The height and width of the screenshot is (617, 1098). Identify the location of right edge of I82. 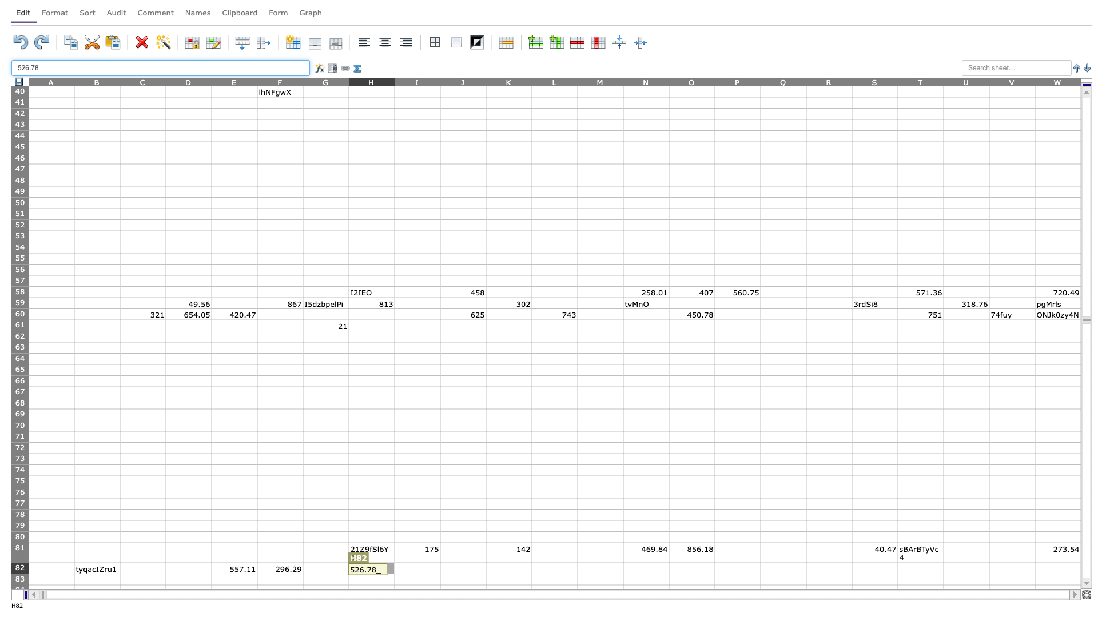
(439, 568).